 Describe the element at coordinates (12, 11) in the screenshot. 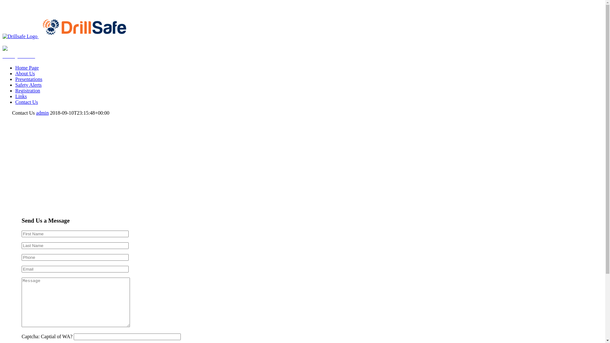

I see `'Linkedin'` at that location.